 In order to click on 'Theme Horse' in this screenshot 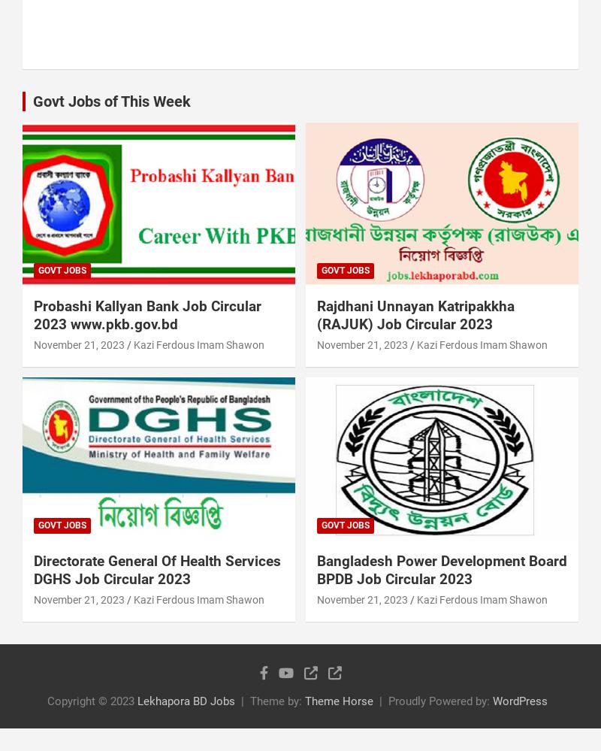, I will do `click(338, 700)`.